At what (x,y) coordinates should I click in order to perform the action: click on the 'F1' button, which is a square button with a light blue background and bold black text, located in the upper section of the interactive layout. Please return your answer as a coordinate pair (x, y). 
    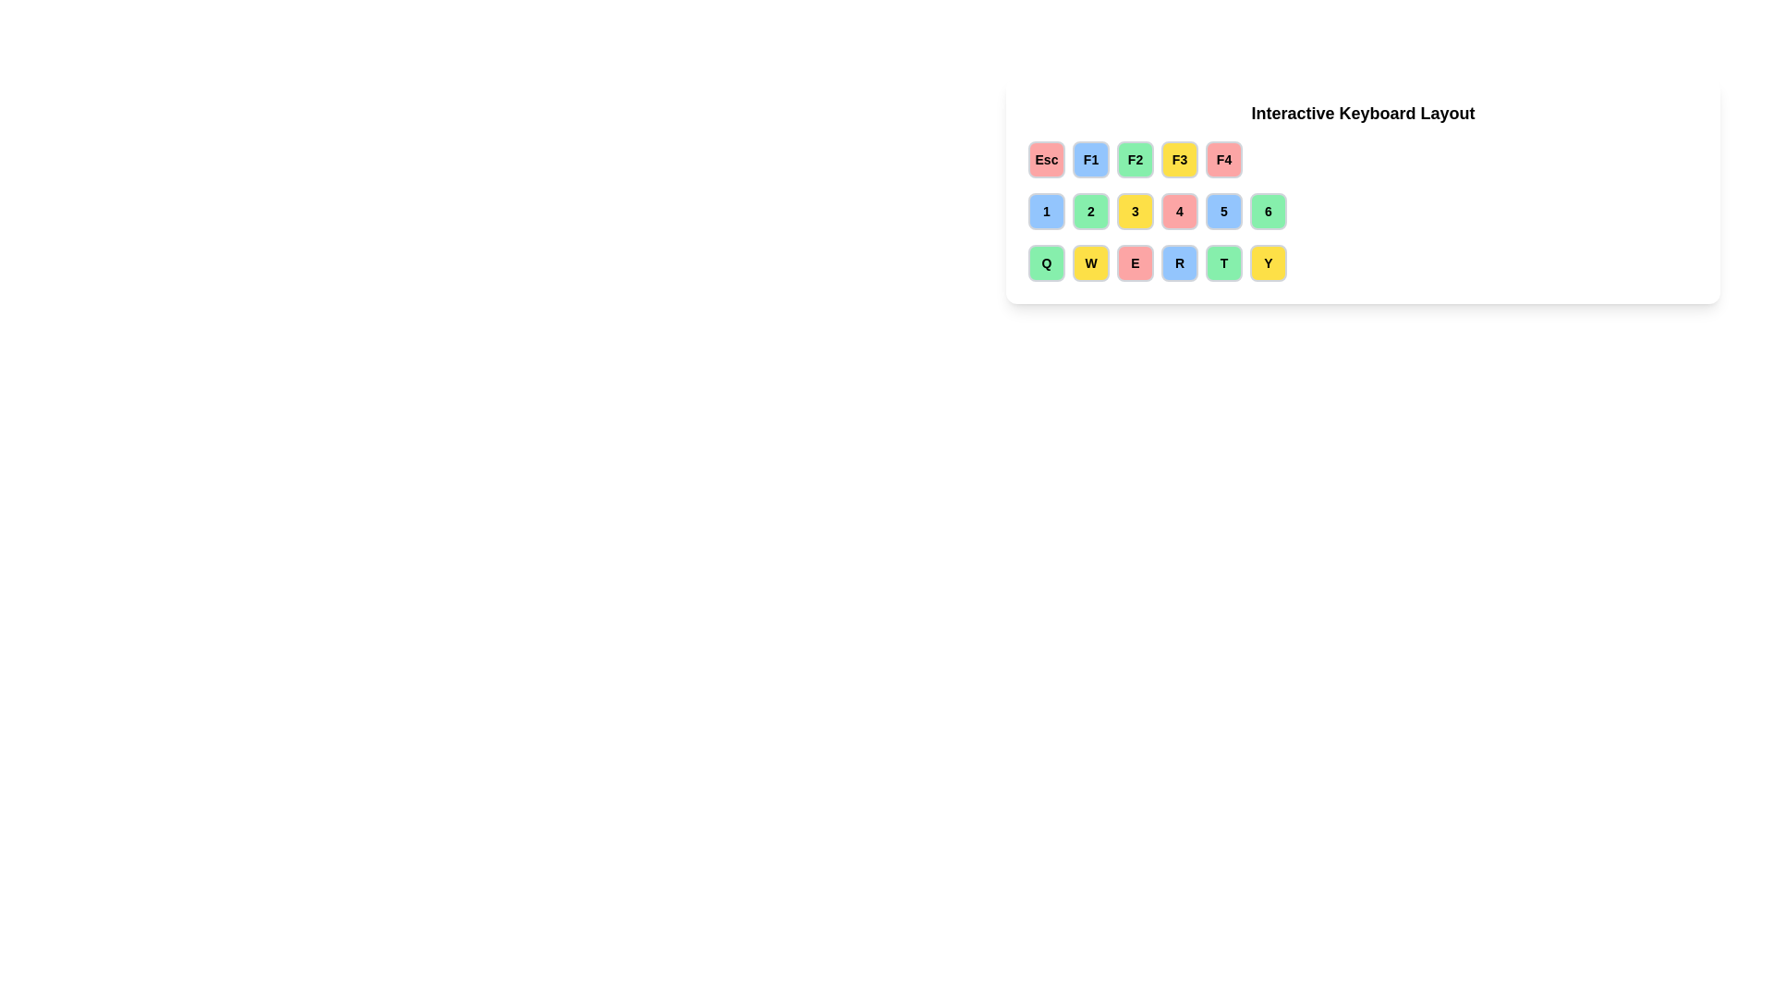
    Looking at the image, I should click on (1090, 159).